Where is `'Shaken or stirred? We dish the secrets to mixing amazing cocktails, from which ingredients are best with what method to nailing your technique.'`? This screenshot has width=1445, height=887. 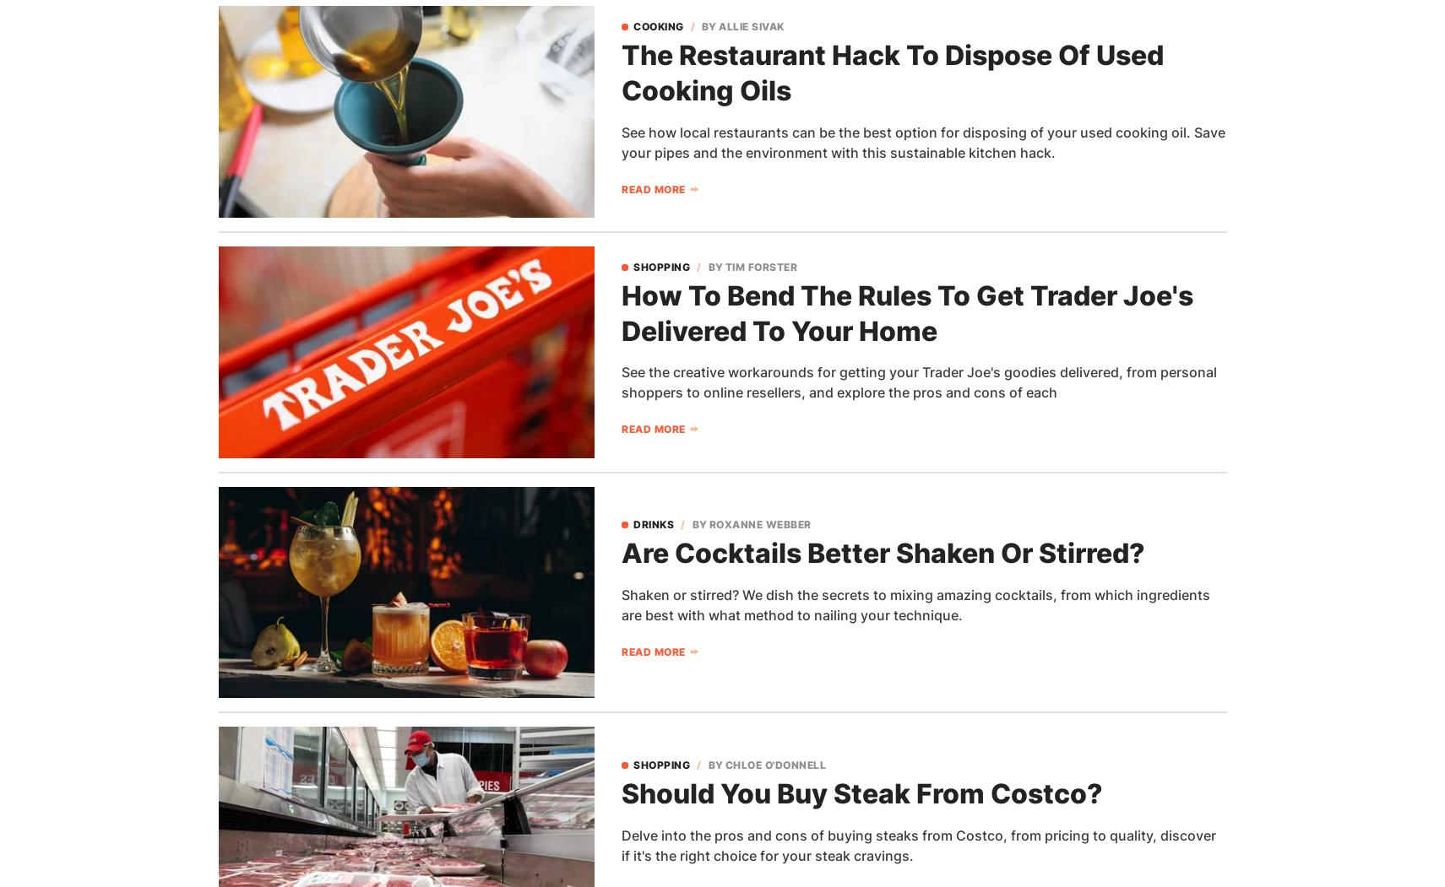 'Shaken or stirred? We dish the secrets to mixing amazing cocktails, from which ingredients are best with what method to nailing your technique.' is located at coordinates (915, 603).